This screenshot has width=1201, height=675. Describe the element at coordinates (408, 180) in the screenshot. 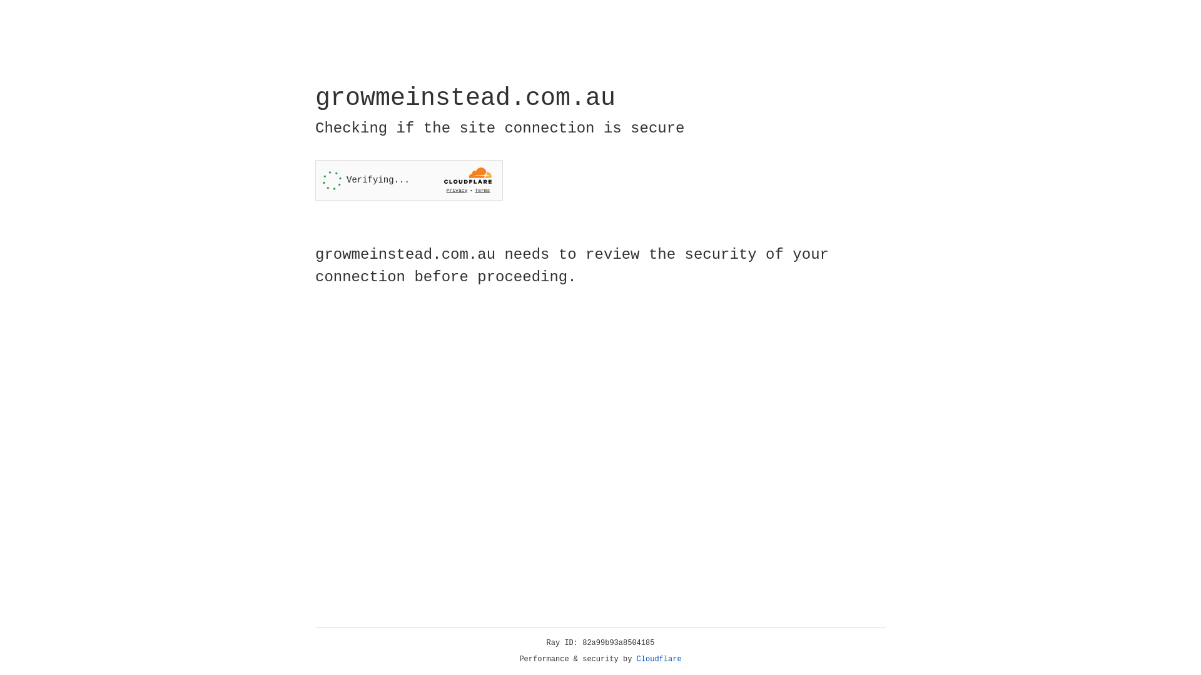

I see `'Widget containing a Cloudflare security challenge'` at that location.